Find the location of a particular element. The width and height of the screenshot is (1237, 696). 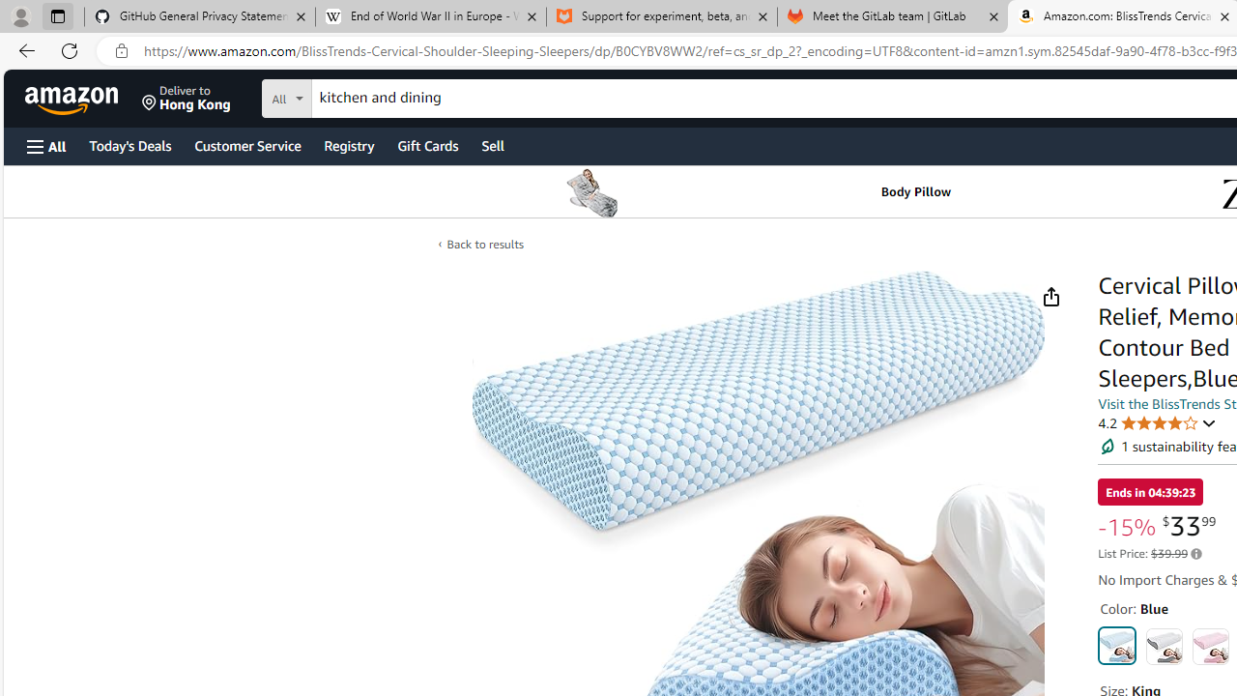

'Pink' is located at coordinates (1209, 646).